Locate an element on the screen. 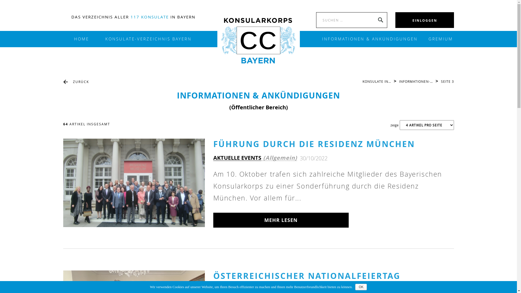 The image size is (521, 293). 'OK' is located at coordinates (355, 286).